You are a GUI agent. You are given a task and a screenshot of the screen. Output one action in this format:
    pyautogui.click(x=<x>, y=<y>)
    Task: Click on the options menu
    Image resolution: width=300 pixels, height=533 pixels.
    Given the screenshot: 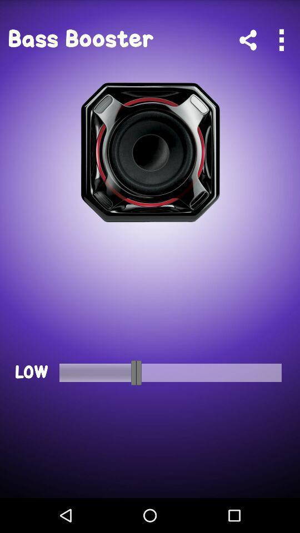 What is the action you would take?
    pyautogui.click(x=281, y=40)
    